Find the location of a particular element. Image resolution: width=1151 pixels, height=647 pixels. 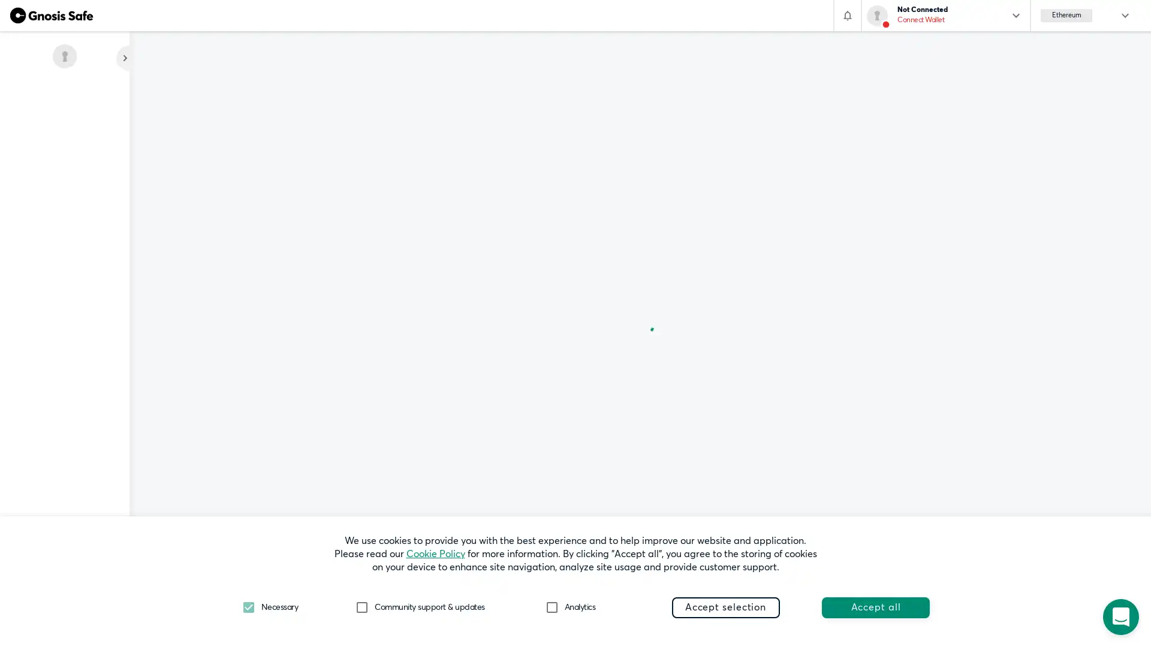

Accept selection is located at coordinates (724, 607).